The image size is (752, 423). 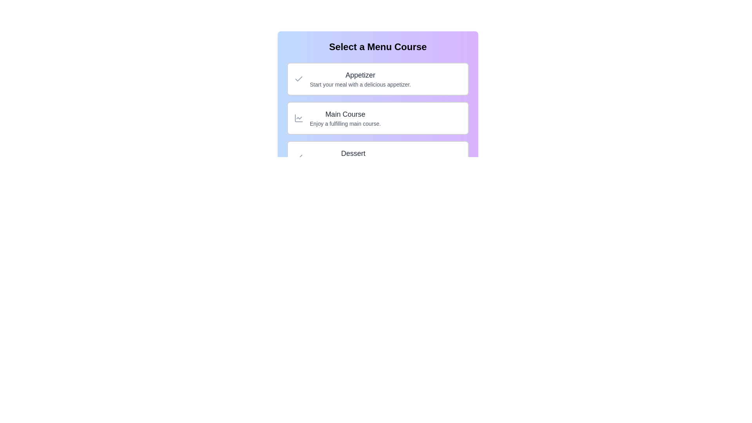 What do you see at coordinates (298, 157) in the screenshot?
I see `the icon located to the left of the text 'Dessert'` at bounding box center [298, 157].